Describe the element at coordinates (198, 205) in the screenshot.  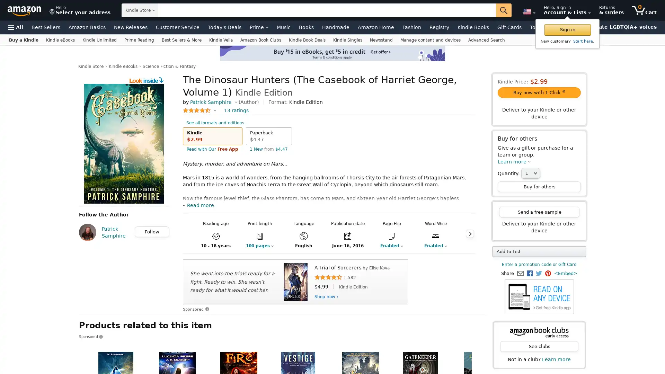
I see `Read more` at that location.